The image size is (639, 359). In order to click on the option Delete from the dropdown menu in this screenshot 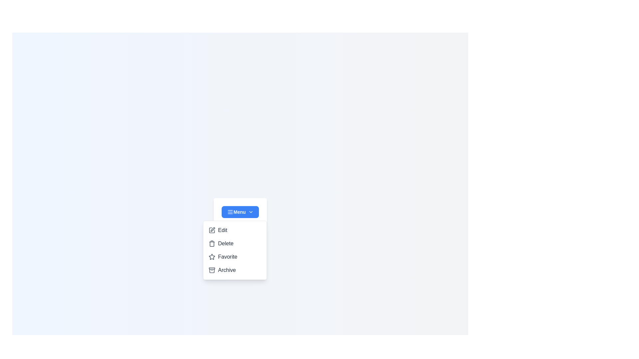, I will do `click(235, 243)`.